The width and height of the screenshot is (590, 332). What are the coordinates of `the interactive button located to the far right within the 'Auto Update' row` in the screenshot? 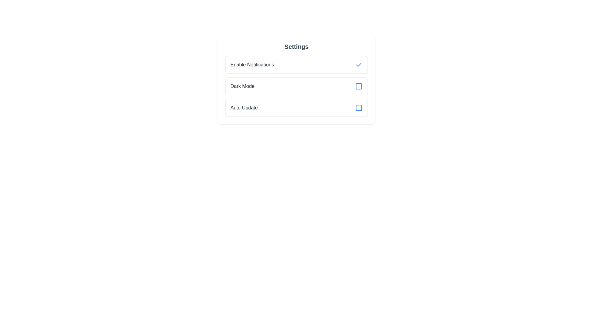 It's located at (359, 108).